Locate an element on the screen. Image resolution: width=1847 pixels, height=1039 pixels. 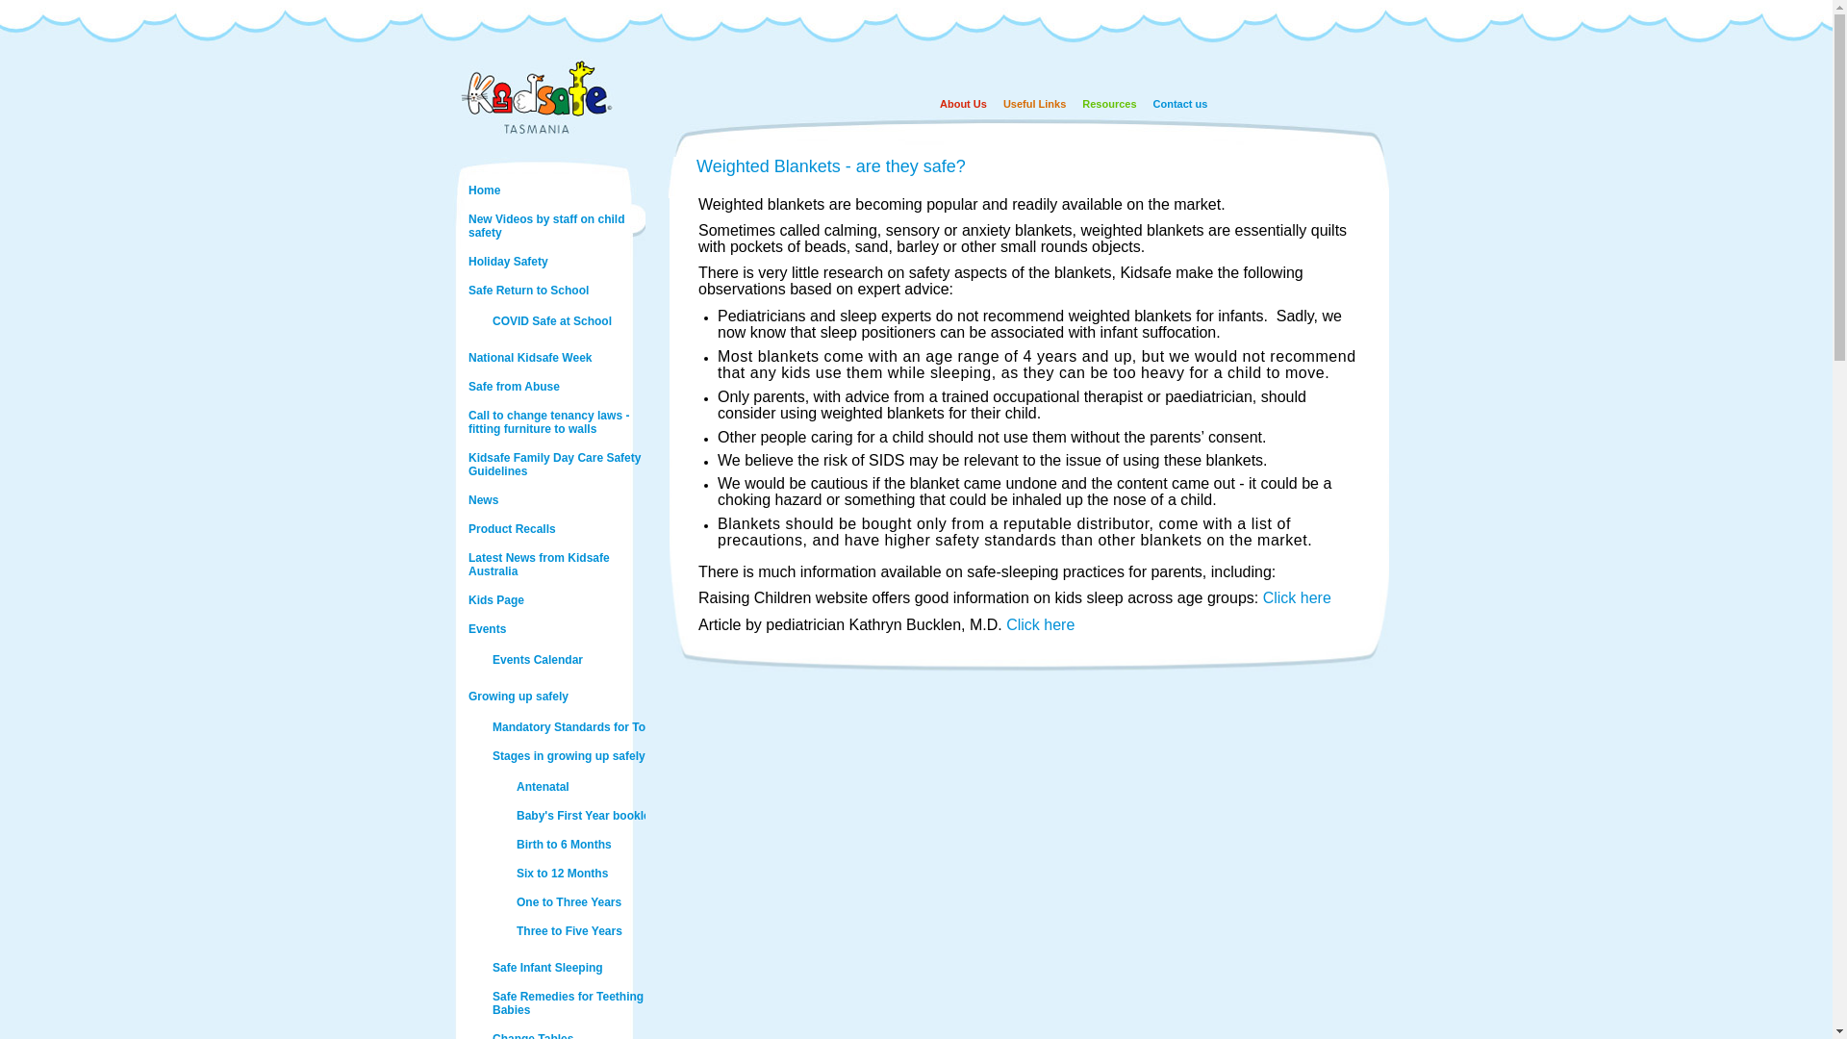
'Holiday Safety' is located at coordinates (553, 262).